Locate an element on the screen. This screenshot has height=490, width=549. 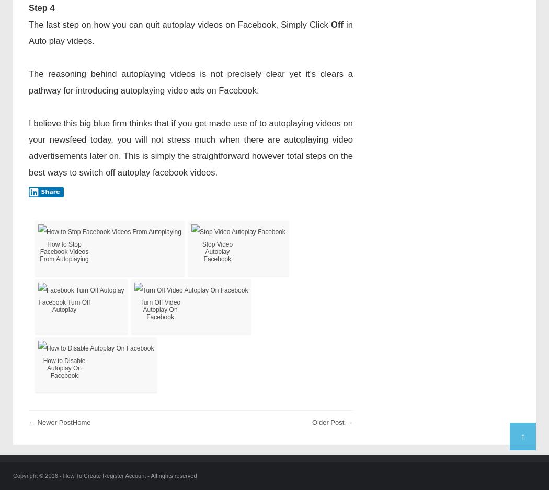
'I believe this big blue firm thinks that if you get made use of to autoplaying videos on your newsfeed today, you will not stress much when there are autoplaying video advertisements later on. This is simply the straightforward however total steps on the best ways to switch off autoplay facebook videos.' is located at coordinates (190, 147).